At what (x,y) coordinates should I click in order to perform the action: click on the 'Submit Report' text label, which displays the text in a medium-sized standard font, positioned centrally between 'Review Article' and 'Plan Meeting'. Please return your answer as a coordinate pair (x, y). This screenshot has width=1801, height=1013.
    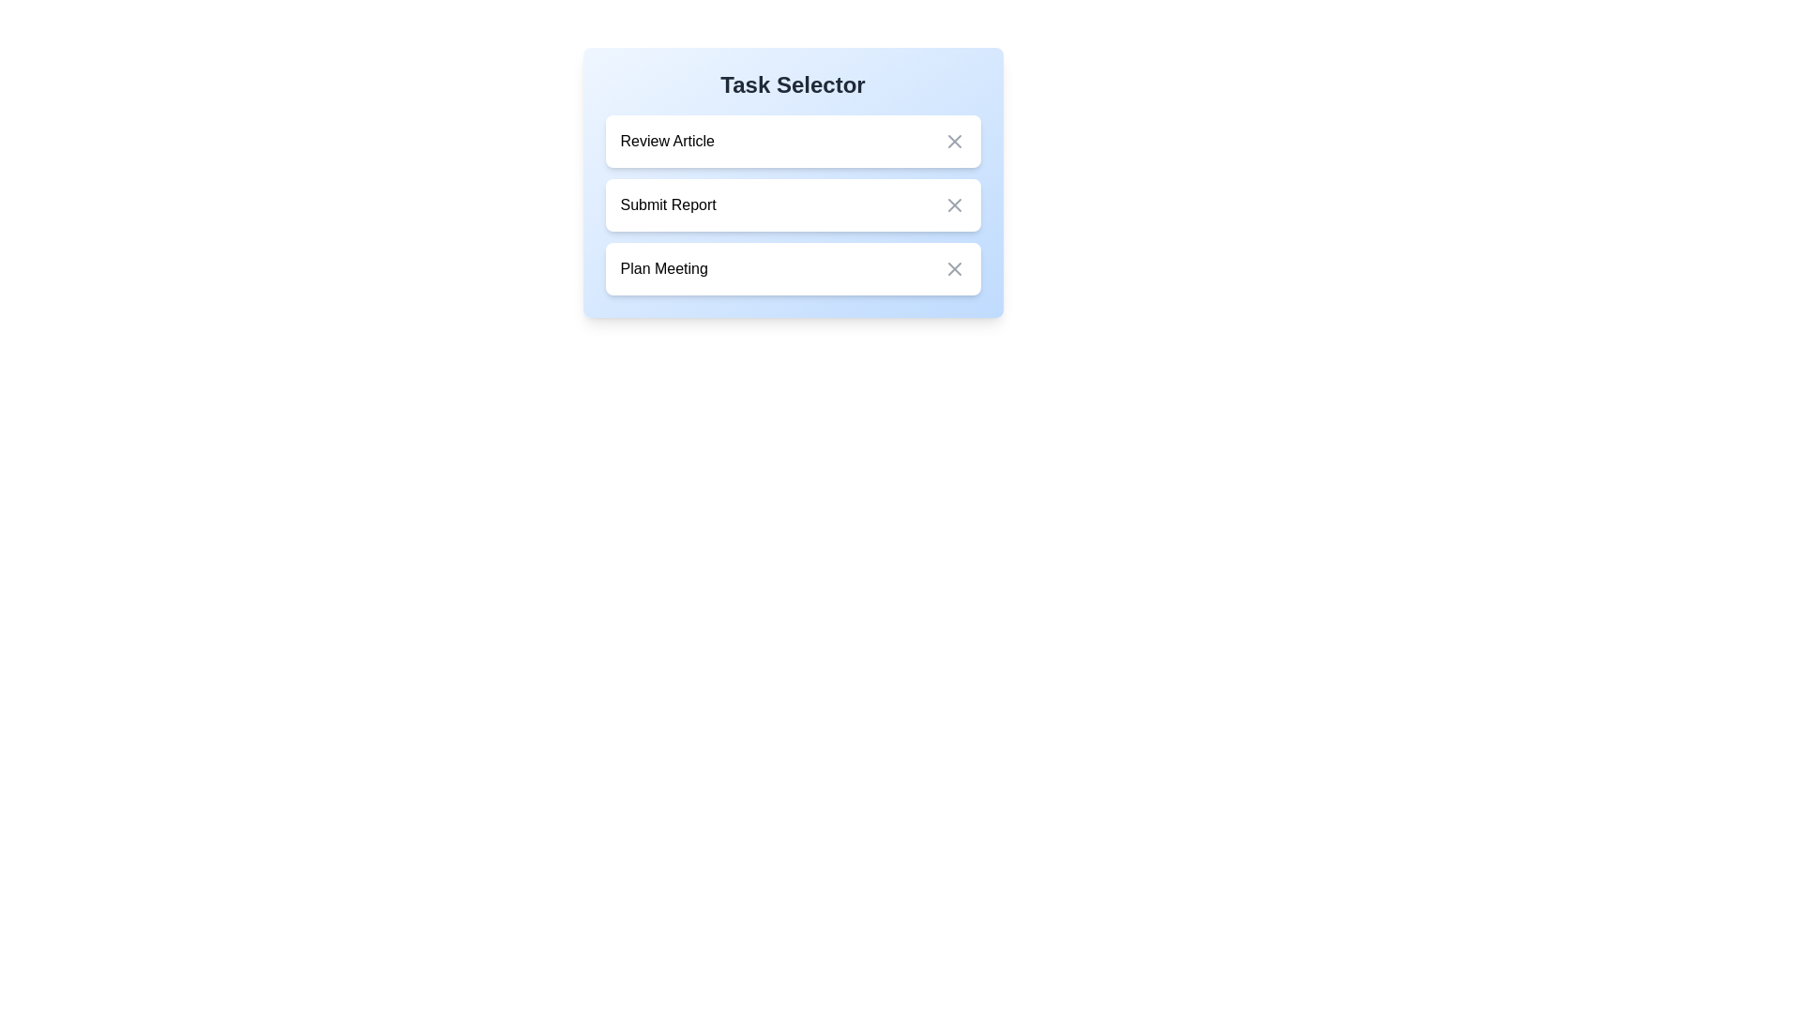
    Looking at the image, I should click on (668, 205).